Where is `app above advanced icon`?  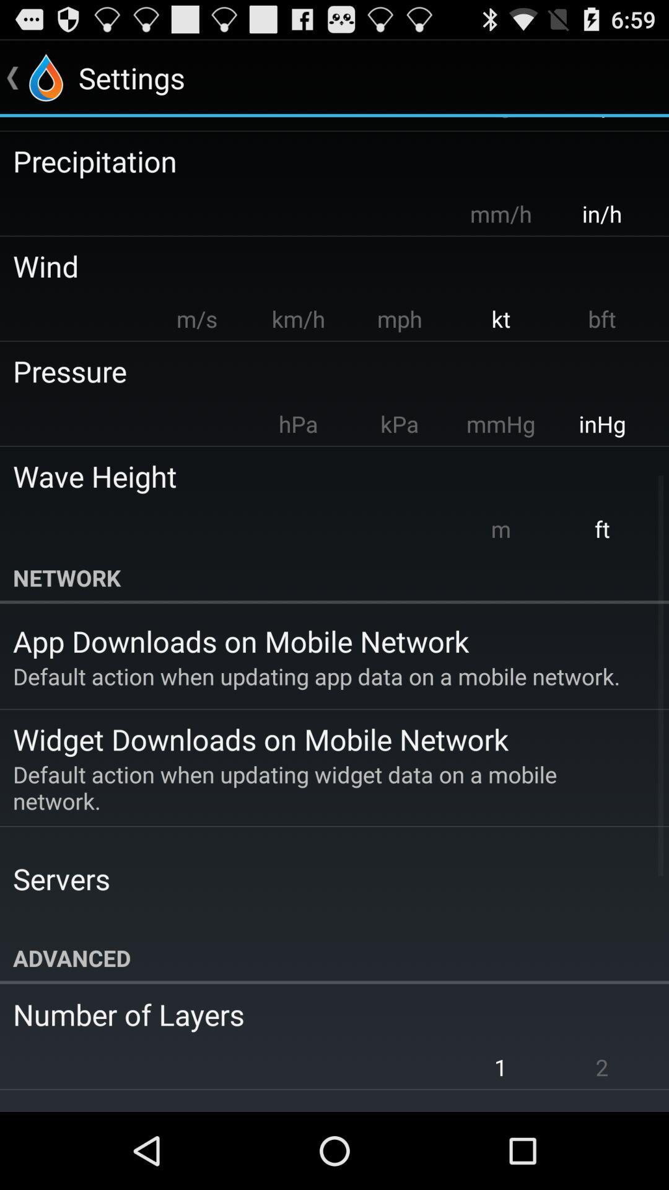 app above advanced icon is located at coordinates (61, 878).